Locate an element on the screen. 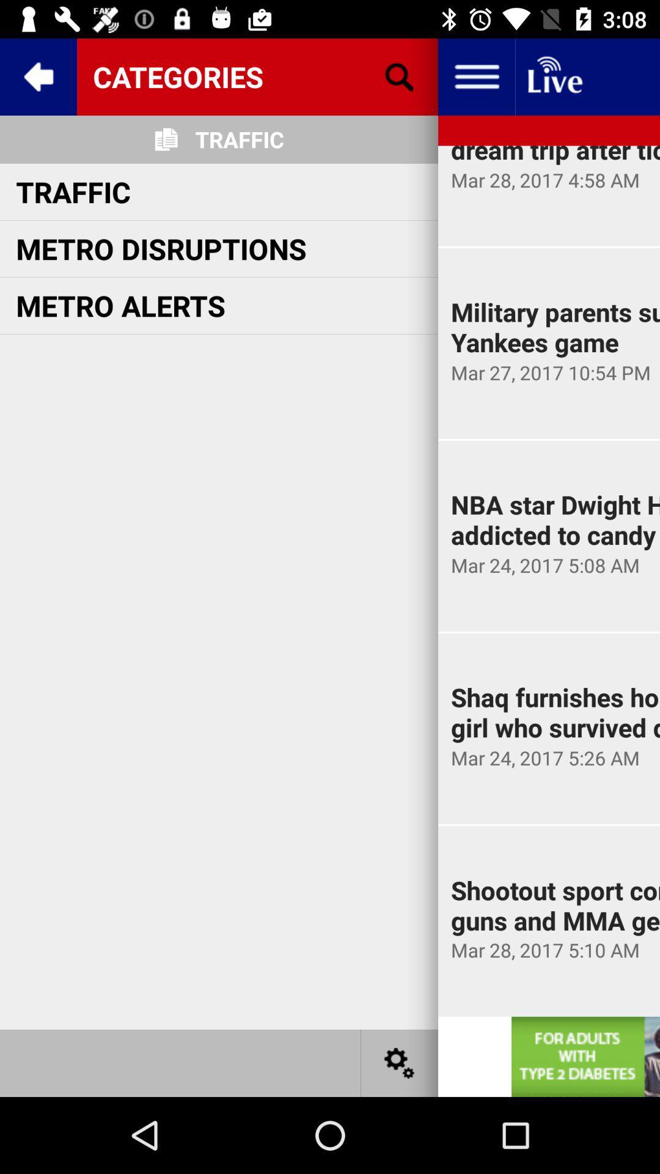  the open menu is located at coordinates (37, 76).